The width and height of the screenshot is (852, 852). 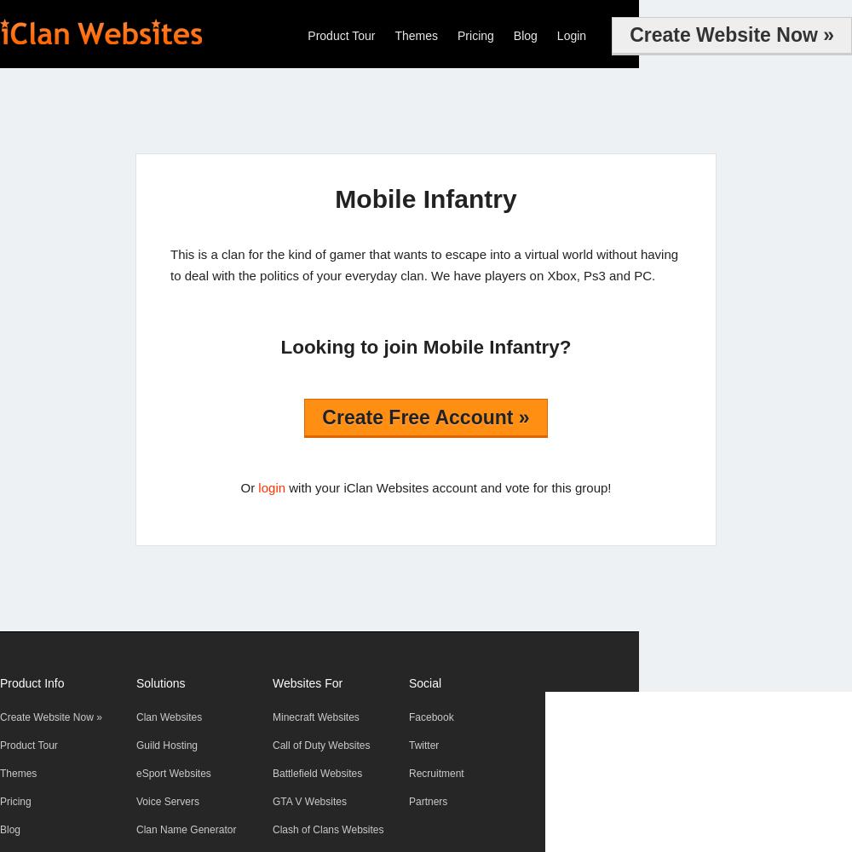 What do you see at coordinates (571, 36) in the screenshot?
I see `'Login'` at bounding box center [571, 36].